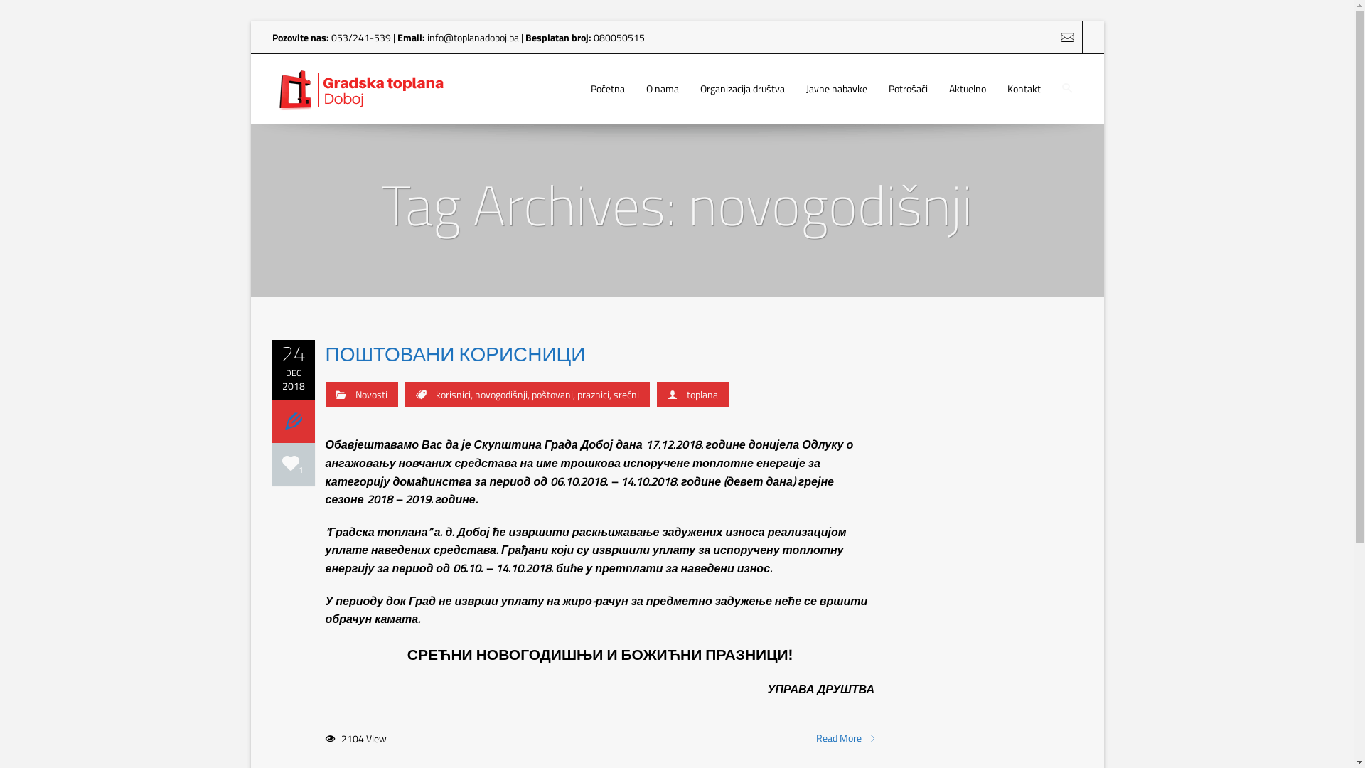  Describe the element at coordinates (593, 394) in the screenshot. I see `'praznici'` at that location.